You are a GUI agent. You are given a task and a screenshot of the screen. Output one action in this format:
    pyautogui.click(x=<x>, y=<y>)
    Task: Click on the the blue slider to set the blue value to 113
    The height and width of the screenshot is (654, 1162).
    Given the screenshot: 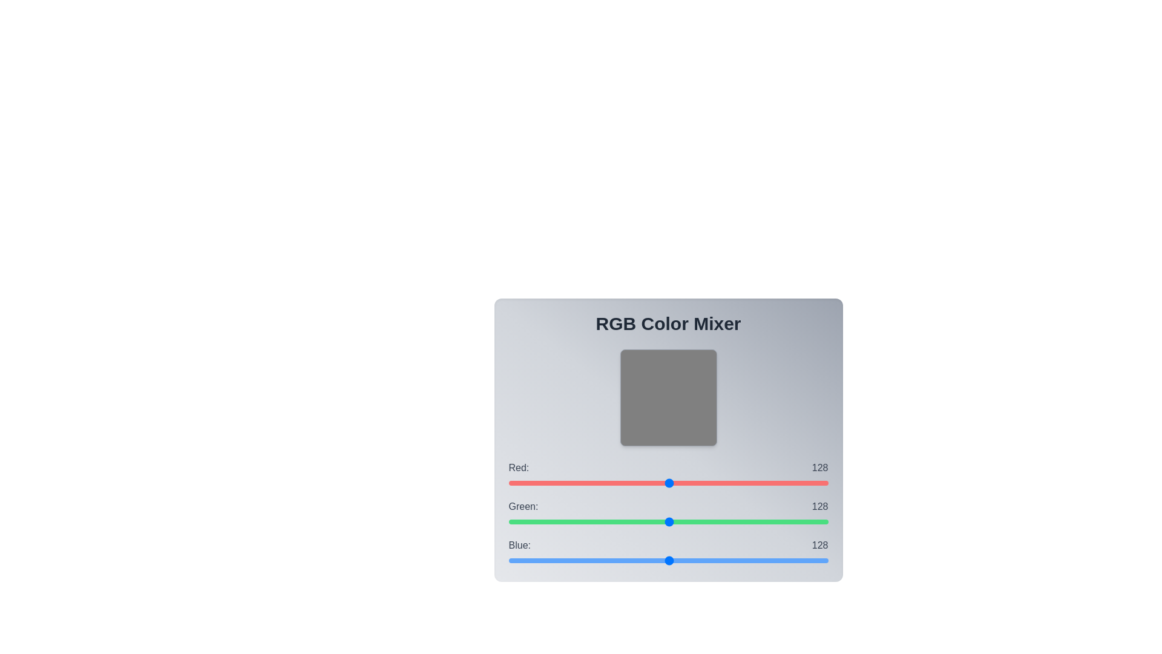 What is the action you would take?
    pyautogui.click(x=649, y=560)
    